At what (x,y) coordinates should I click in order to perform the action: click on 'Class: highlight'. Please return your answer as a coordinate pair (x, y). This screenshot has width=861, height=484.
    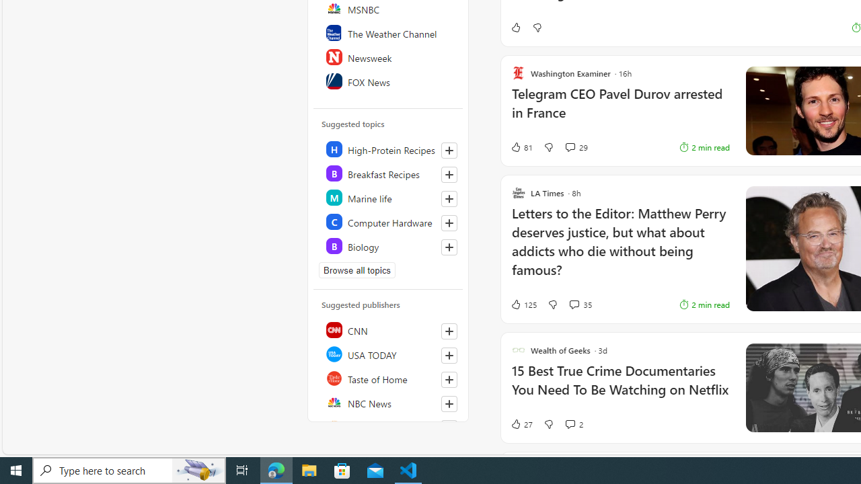
    Looking at the image, I should click on (388, 246).